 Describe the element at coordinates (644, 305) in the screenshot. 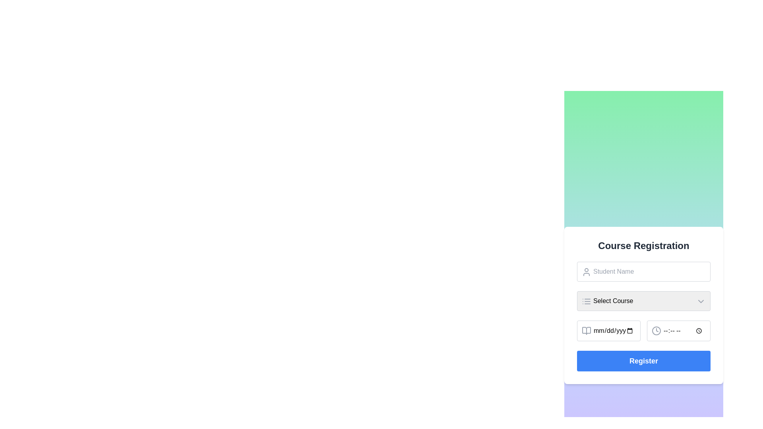

I see `the dropdown menu labeled 'Select Course'` at that location.